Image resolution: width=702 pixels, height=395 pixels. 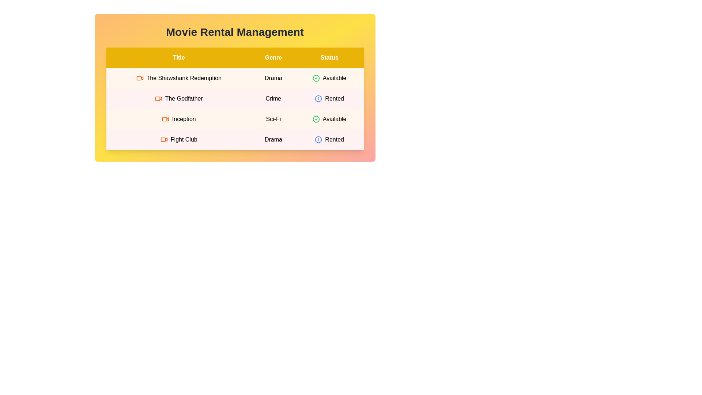 What do you see at coordinates (235, 78) in the screenshot?
I see `the row corresponding to movie The Shawshank Redemption` at bounding box center [235, 78].